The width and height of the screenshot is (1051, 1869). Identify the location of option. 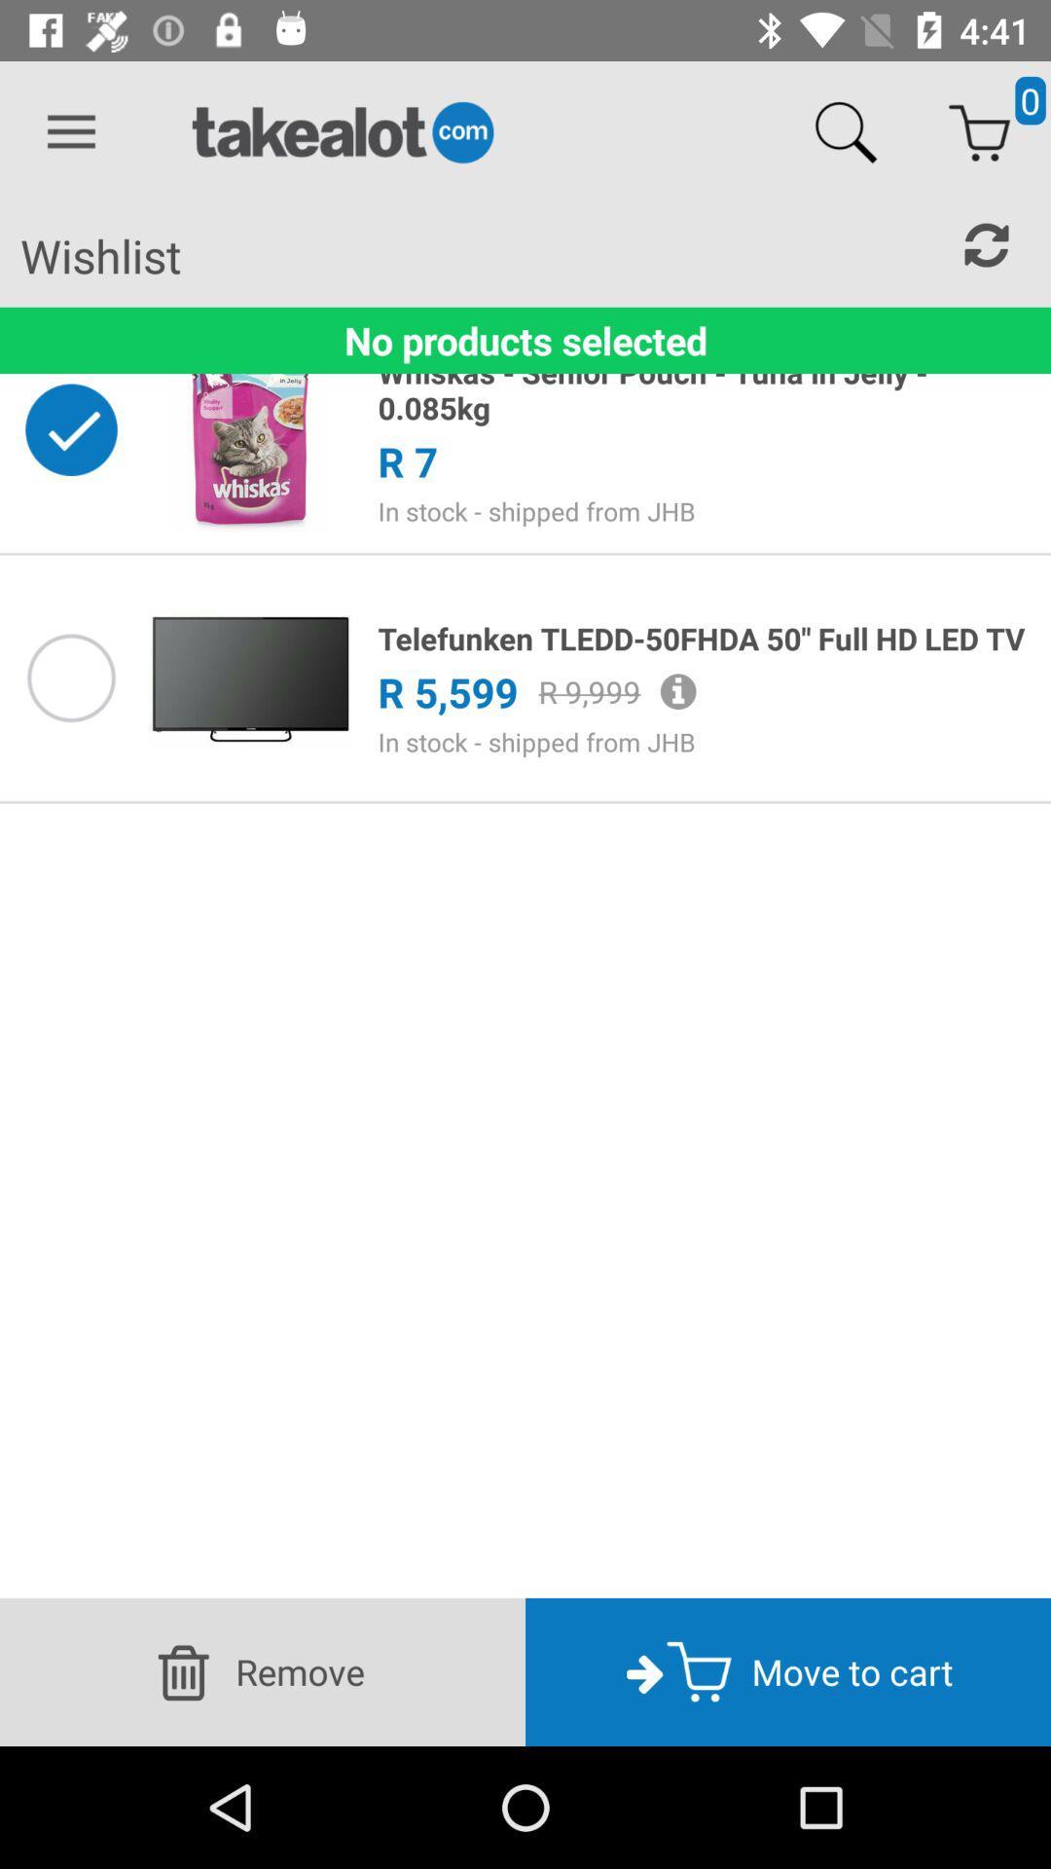
(70, 678).